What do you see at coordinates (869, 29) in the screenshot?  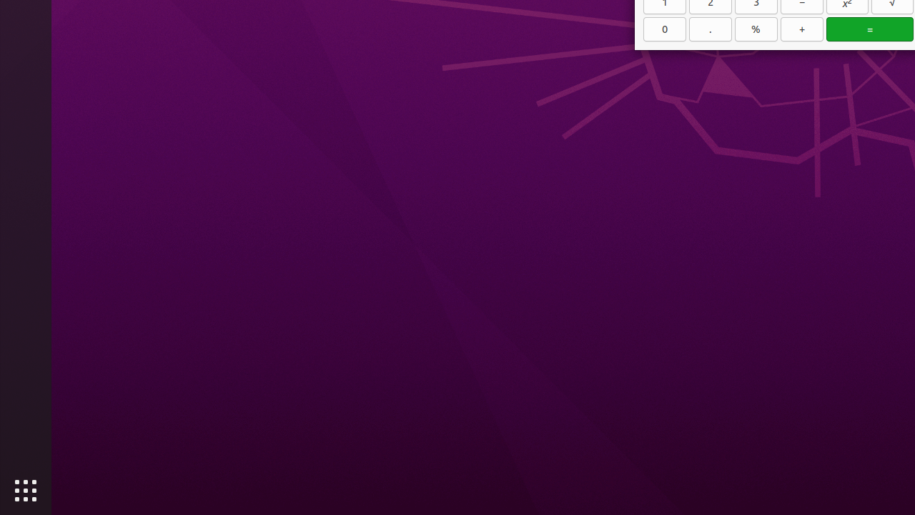 I see `'='` at bounding box center [869, 29].